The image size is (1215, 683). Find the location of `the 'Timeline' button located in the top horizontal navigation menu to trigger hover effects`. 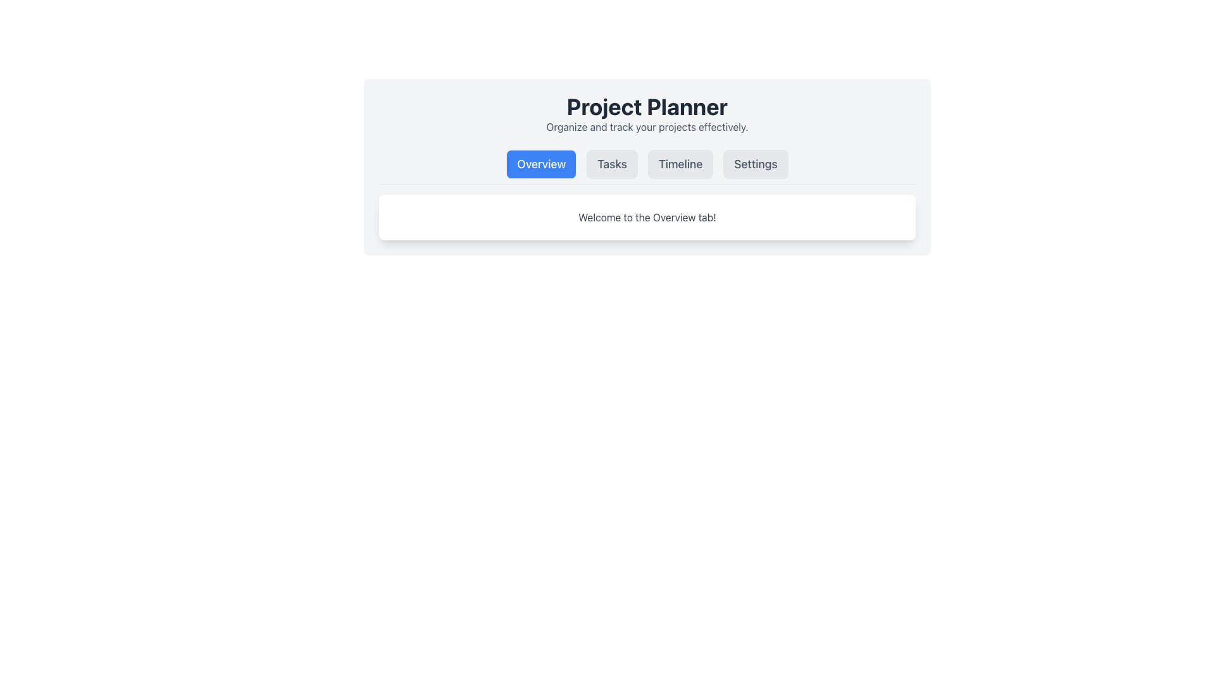

the 'Timeline' button located in the top horizontal navigation menu to trigger hover effects is located at coordinates (680, 163).